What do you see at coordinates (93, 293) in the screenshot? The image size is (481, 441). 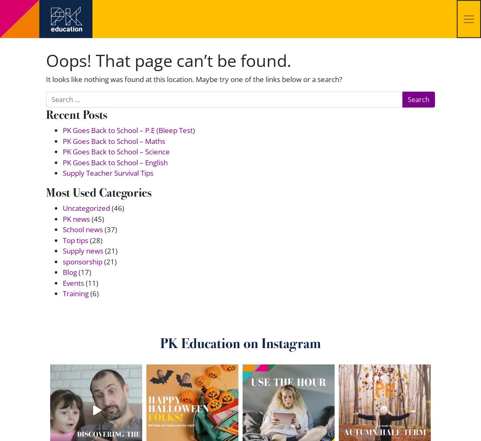 I see `'(6)'` at bounding box center [93, 293].